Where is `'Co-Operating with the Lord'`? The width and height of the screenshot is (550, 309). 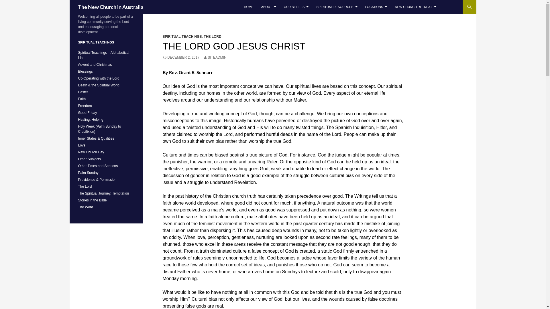 'Co-Operating with the Lord' is located at coordinates (99, 78).